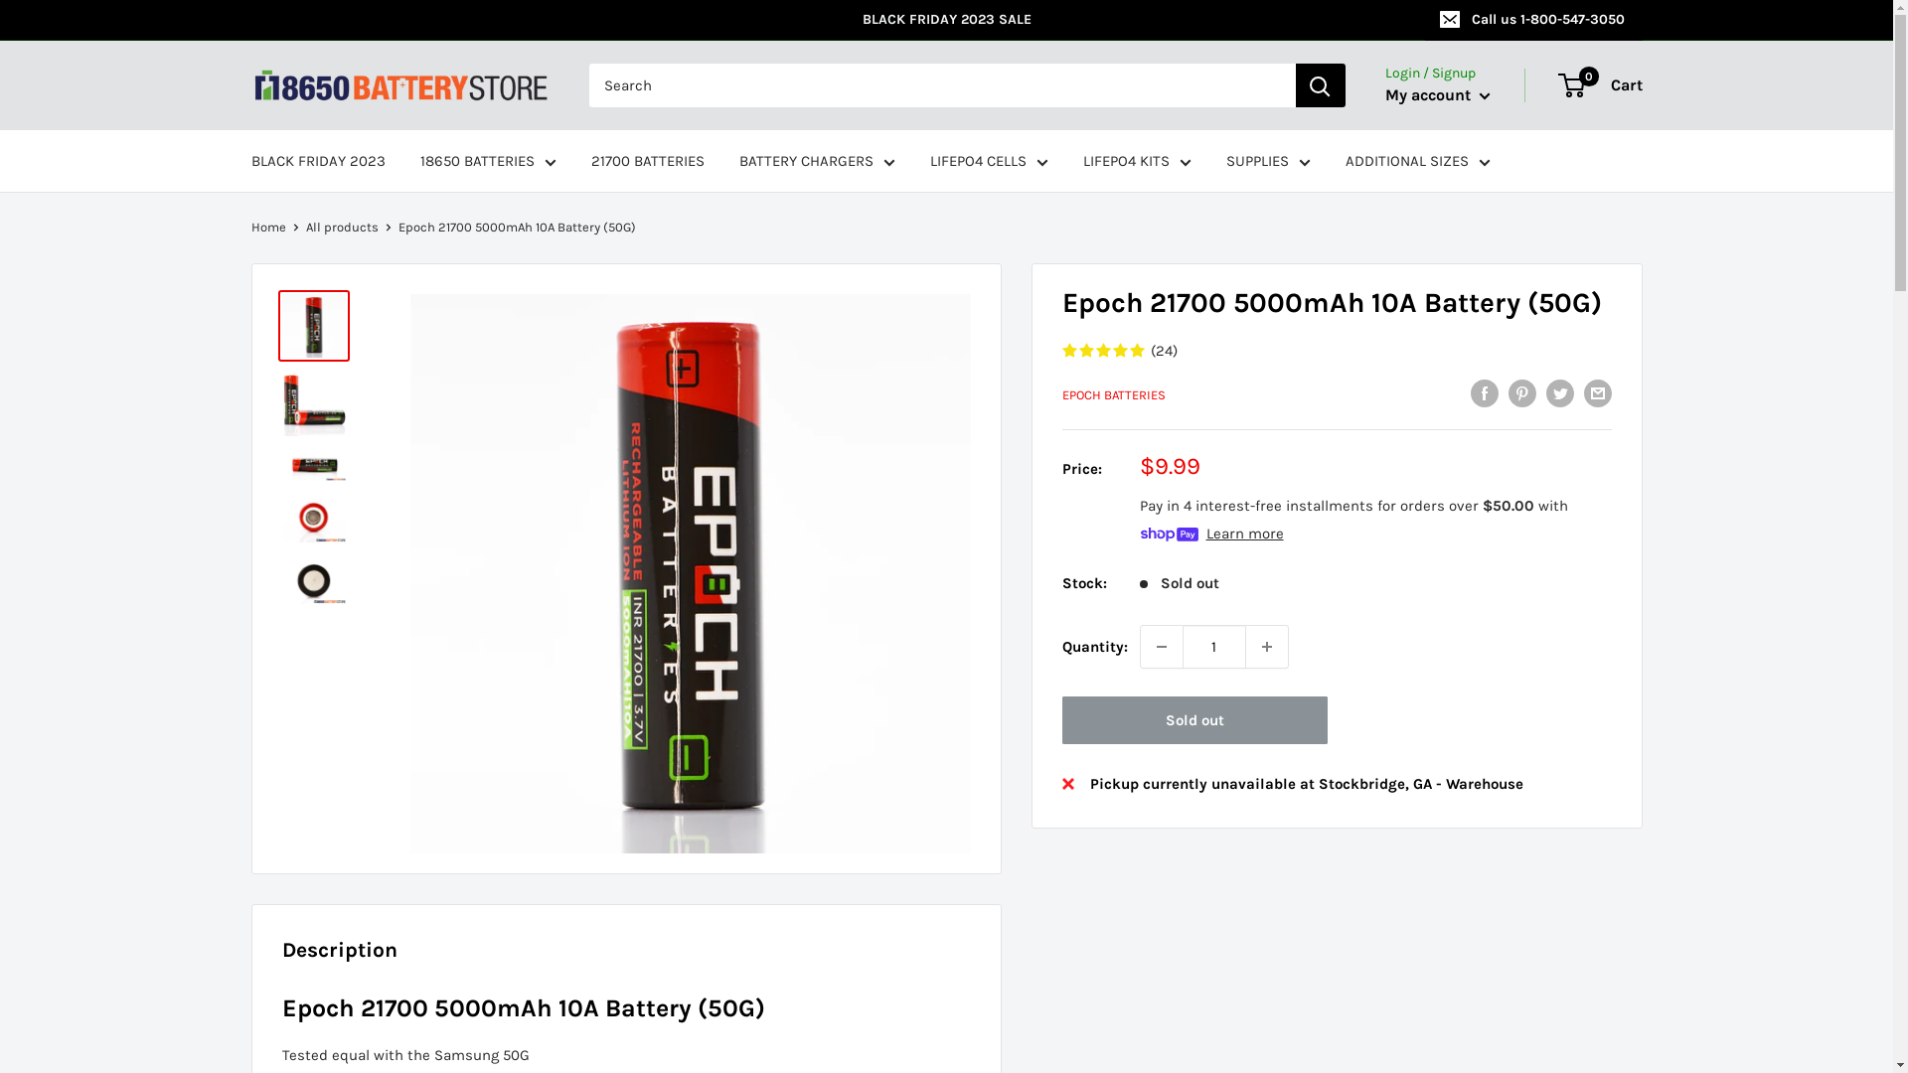 This screenshot has height=1073, width=1908. I want to click on 'BLACK FRIDAY 2023 SALE', so click(837, 19).